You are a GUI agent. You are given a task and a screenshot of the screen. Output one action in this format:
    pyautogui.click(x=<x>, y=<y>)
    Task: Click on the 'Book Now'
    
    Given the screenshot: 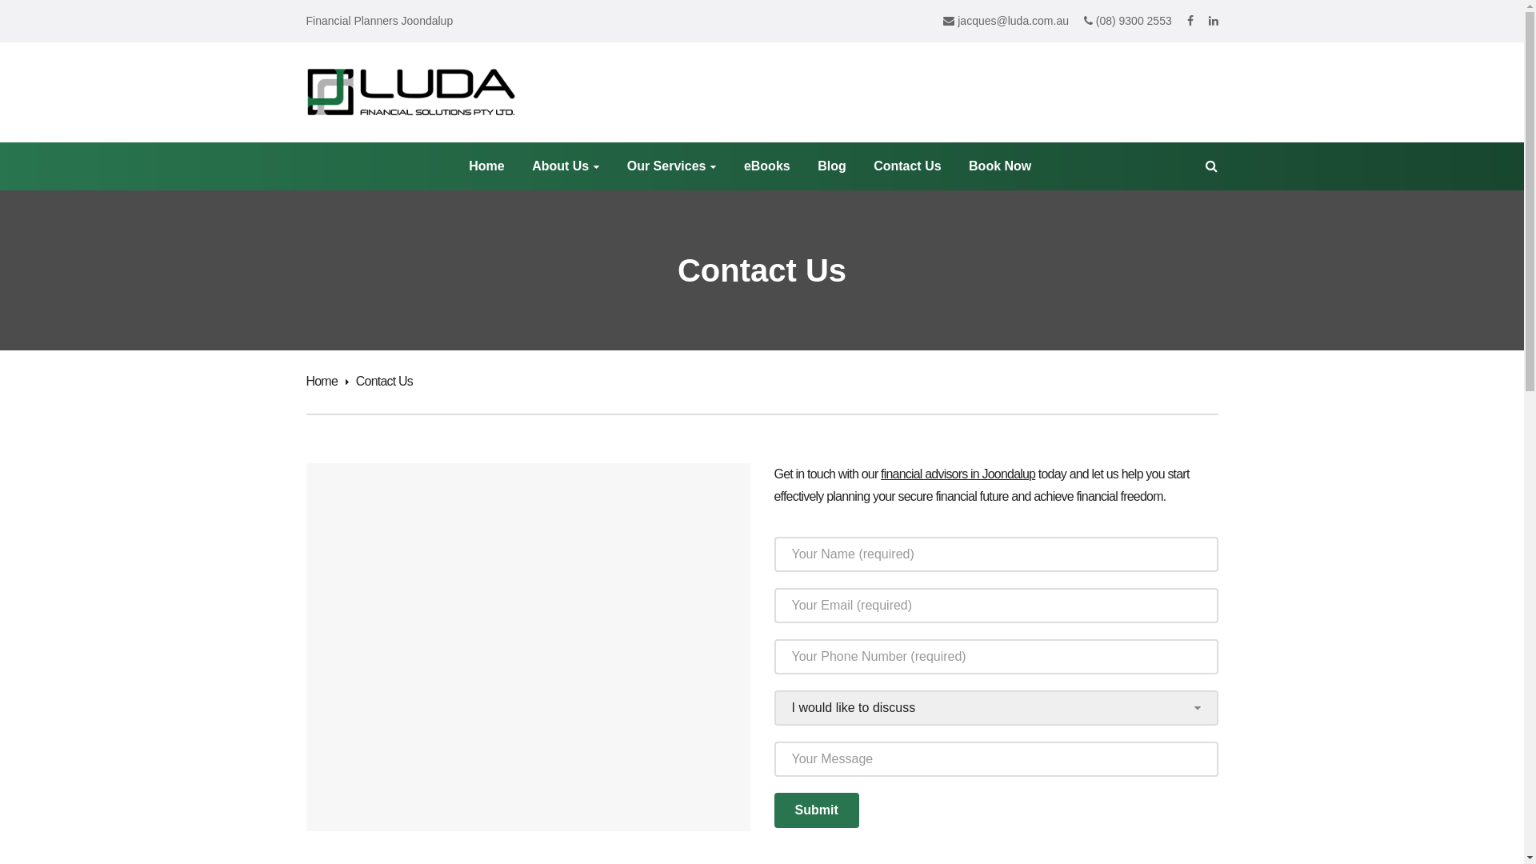 What is the action you would take?
    pyautogui.click(x=967, y=166)
    